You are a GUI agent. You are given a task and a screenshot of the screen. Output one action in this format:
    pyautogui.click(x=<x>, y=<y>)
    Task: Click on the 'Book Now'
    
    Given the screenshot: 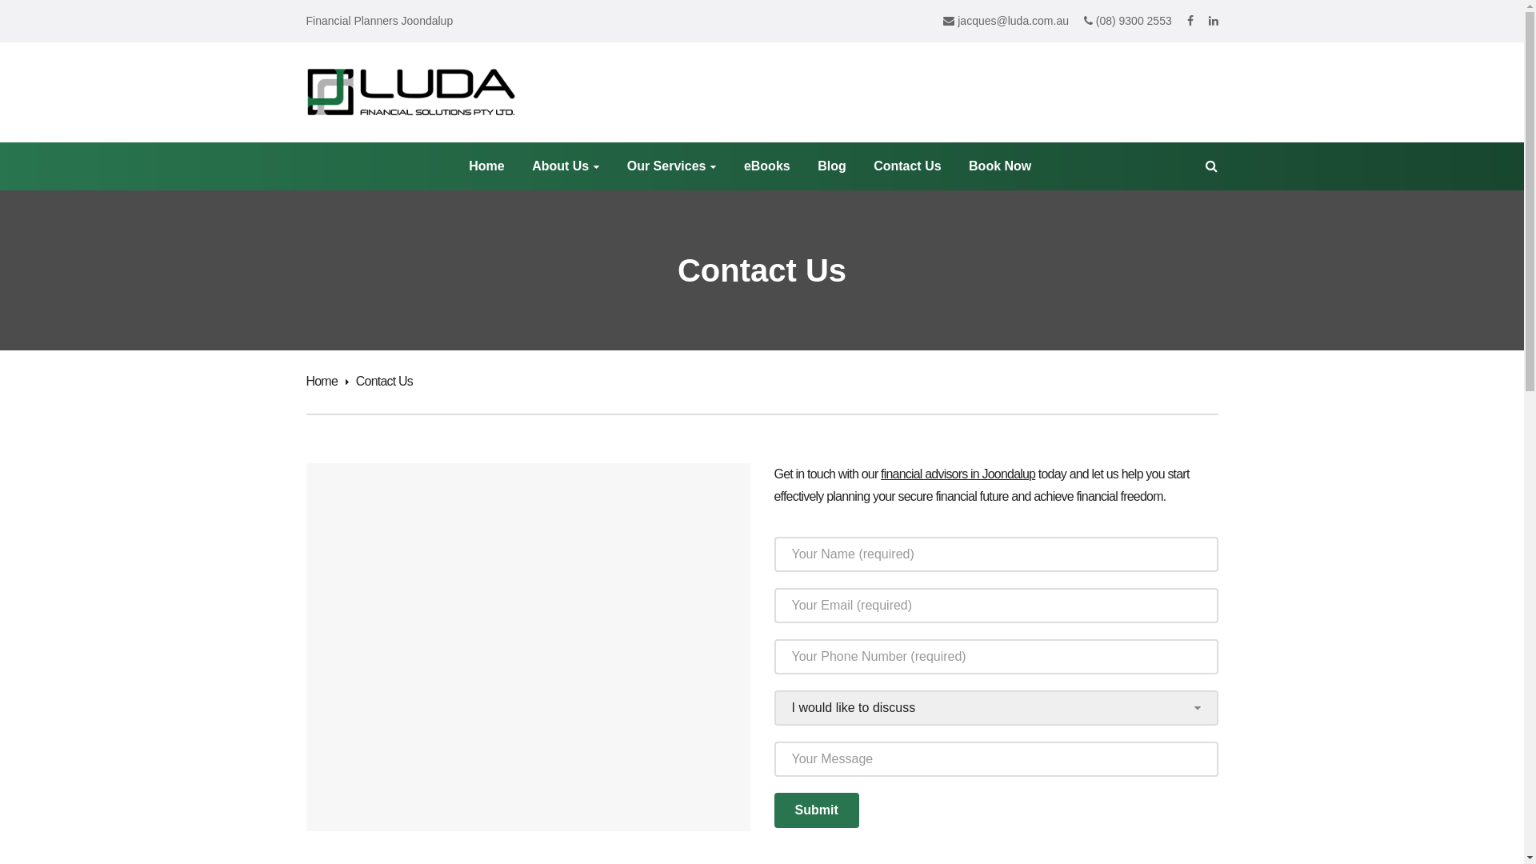 What is the action you would take?
    pyautogui.click(x=967, y=166)
    